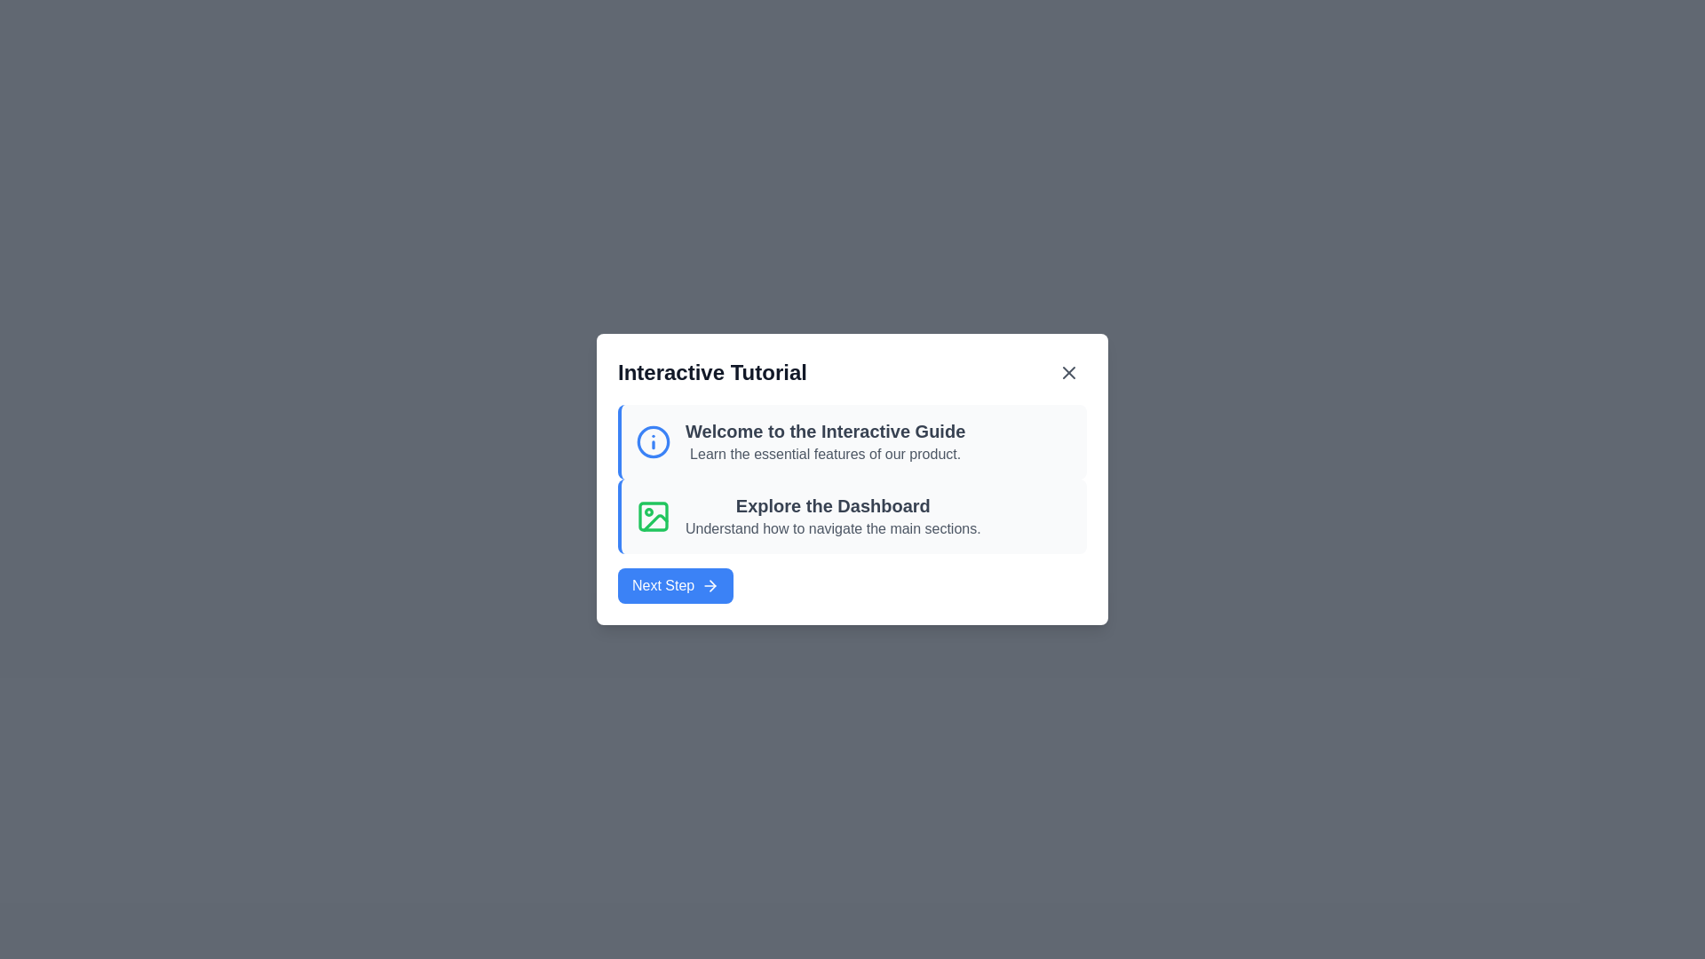  What do you see at coordinates (710, 585) in the screenshot?
I see `the right-facing arrow icon located at the far right side of the 'Next Step' button` at bounding box center [710, 585].